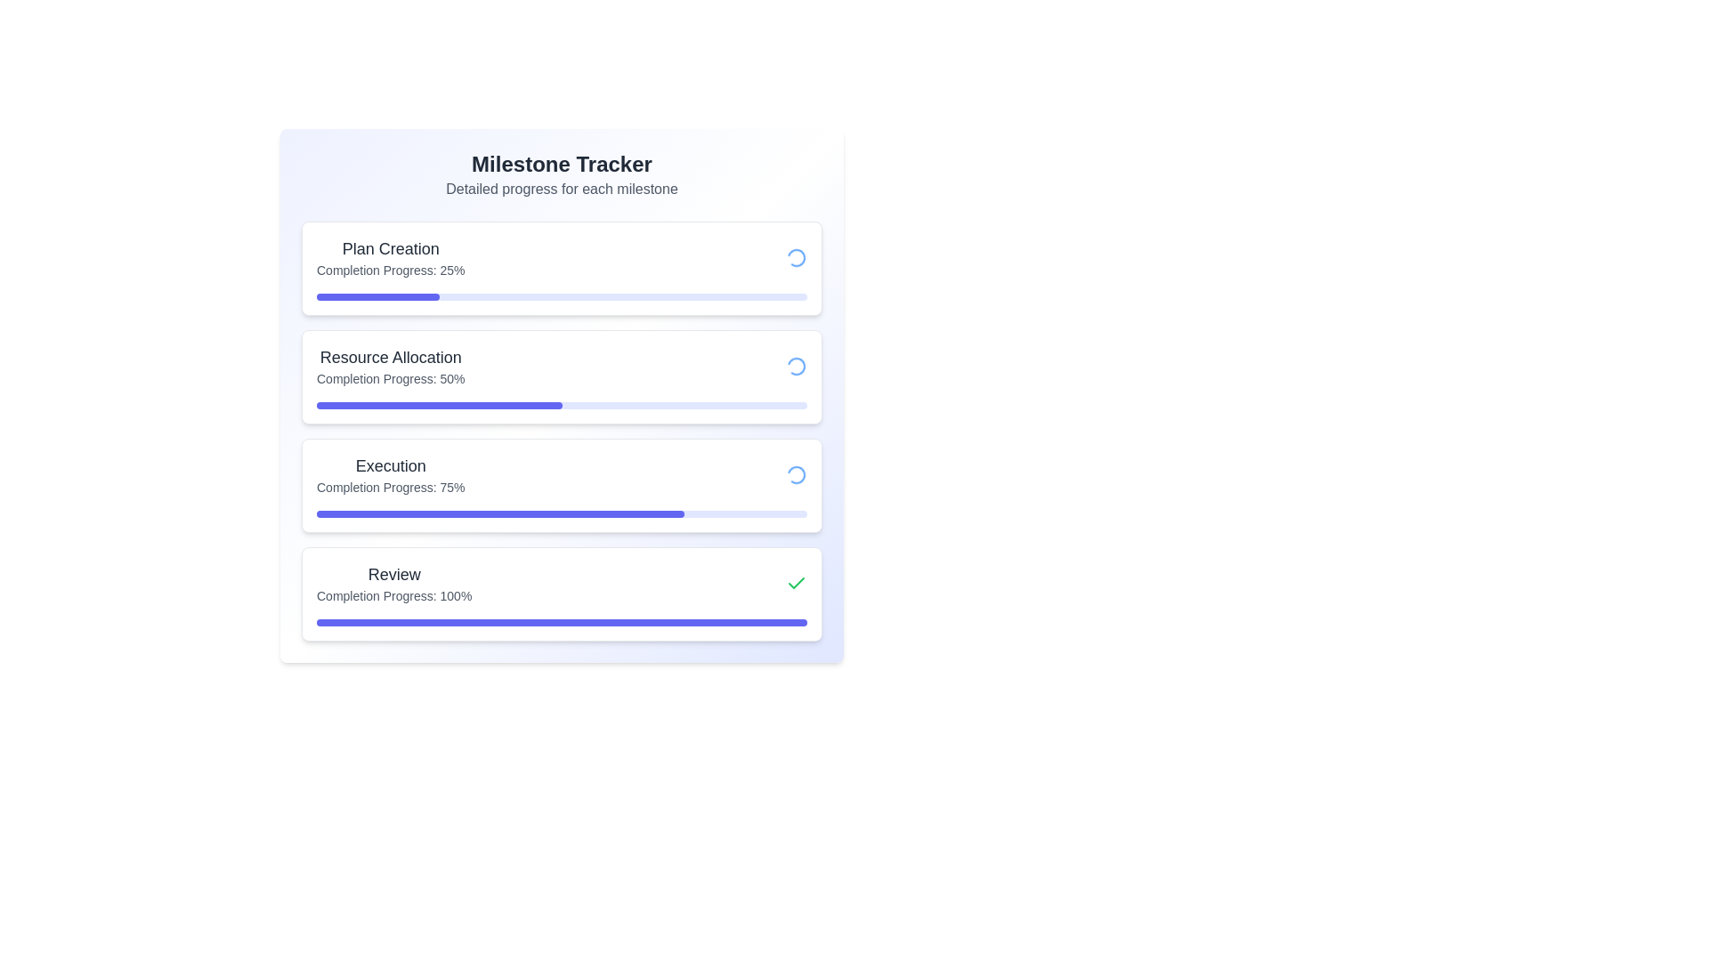  What do you see at coordinates (795, 366) in the screenshot?
I see `the circular loading spinner indicating ongoing updates for the 'Resource Allocation' milestone, located to the far right of the milestone section` at bounding box center [795, 366].